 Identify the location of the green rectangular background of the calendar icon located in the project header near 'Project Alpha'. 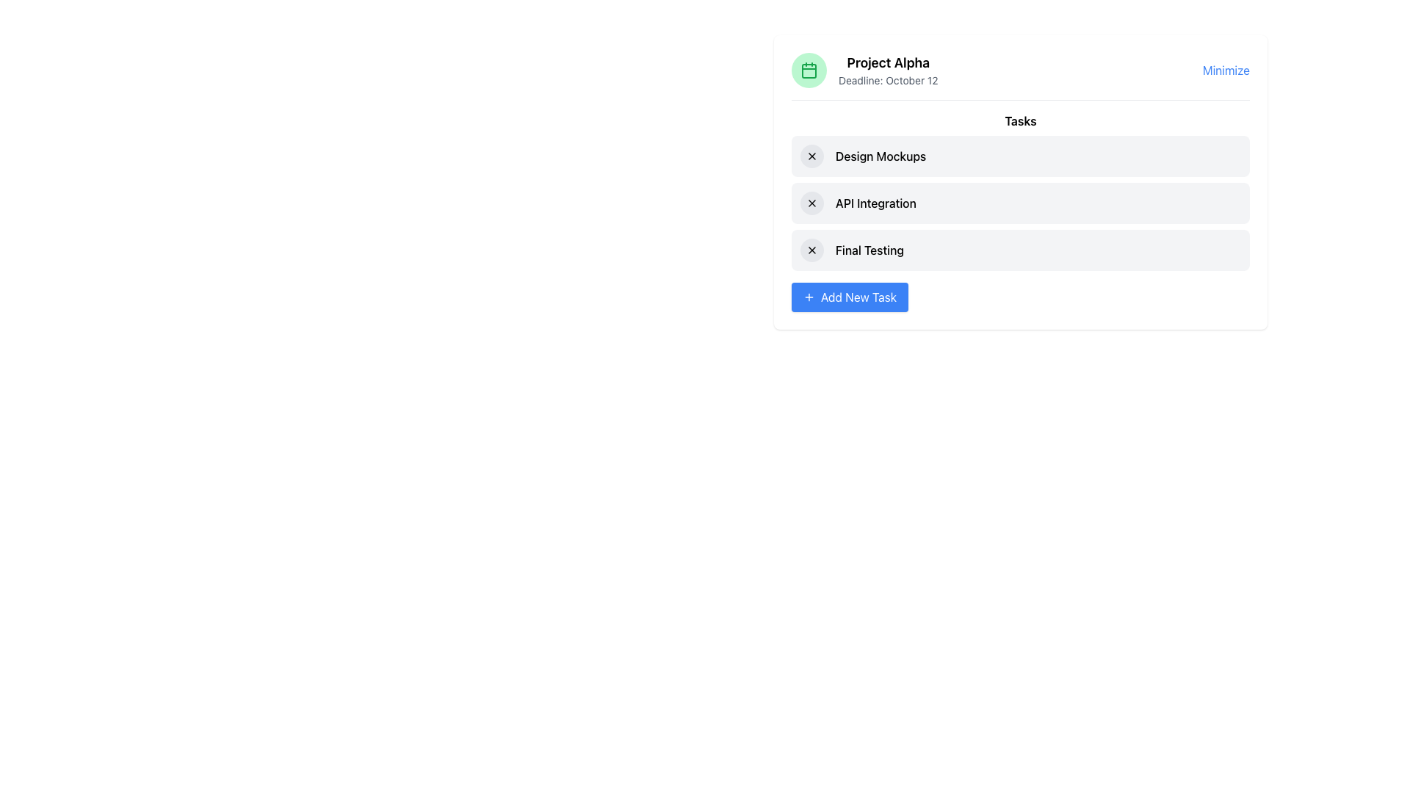
(809, 70).